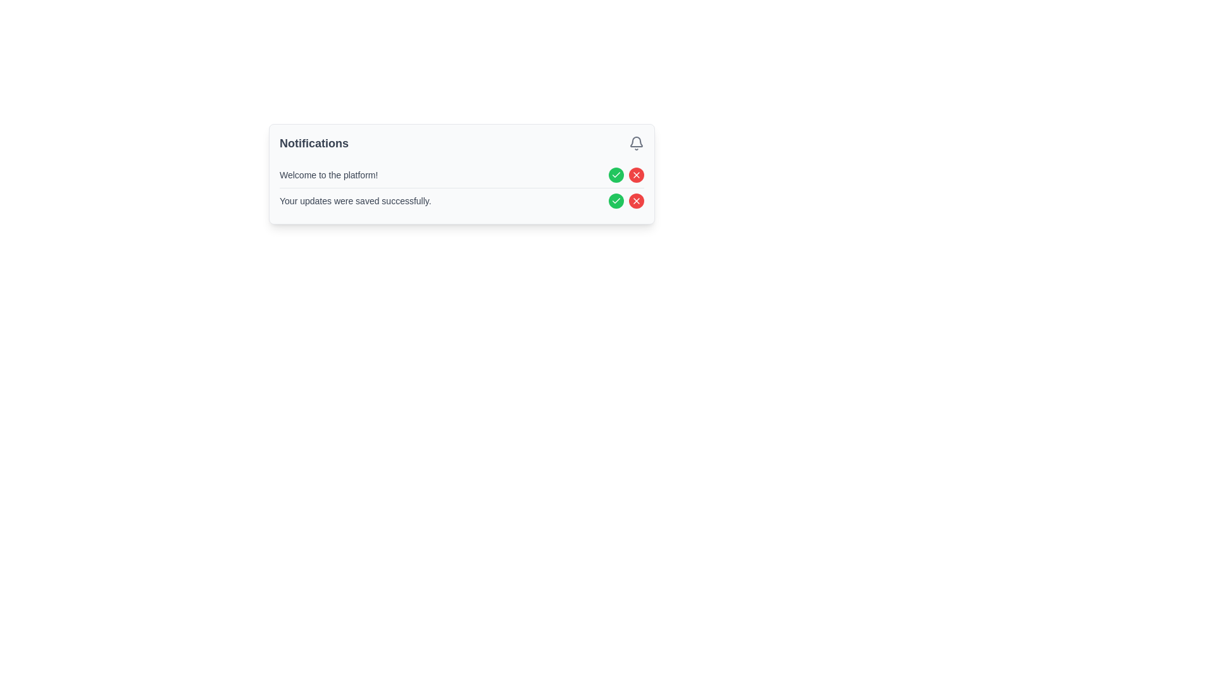 Image resolution: width=1215 pixels, height=683 pixels. What do you see at coordinates (616, 200) in the screenshot?
I see `the green circular icon with a white checkmark located on the far right of the second row, next to the text 'Your updates were saved successfully.'` at bounding box center [616, 200].